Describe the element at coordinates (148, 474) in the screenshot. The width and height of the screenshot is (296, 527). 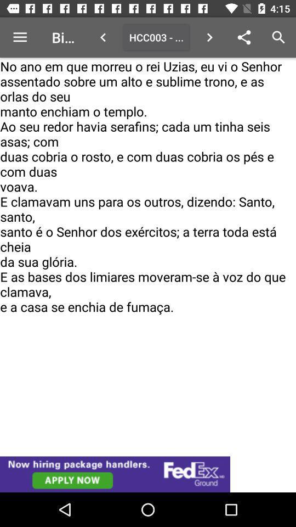
I see `open advertisement` at that location.